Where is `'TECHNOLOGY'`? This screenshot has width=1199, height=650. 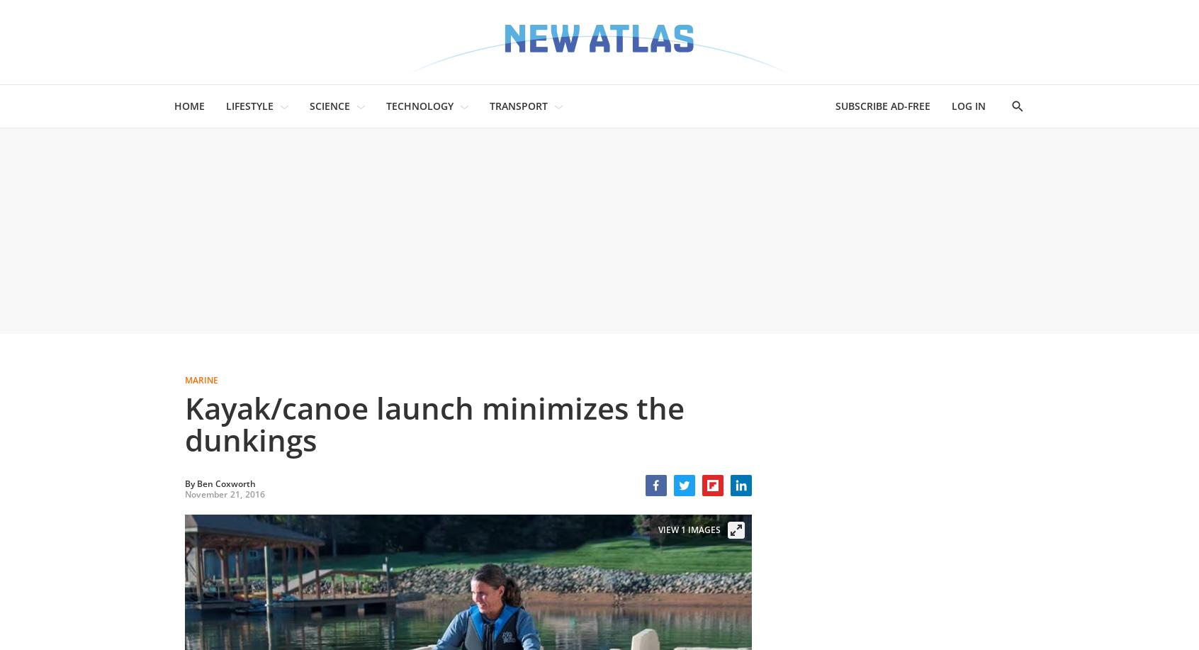
'TECHNOLOGY' is located at coordinates (419, 106).